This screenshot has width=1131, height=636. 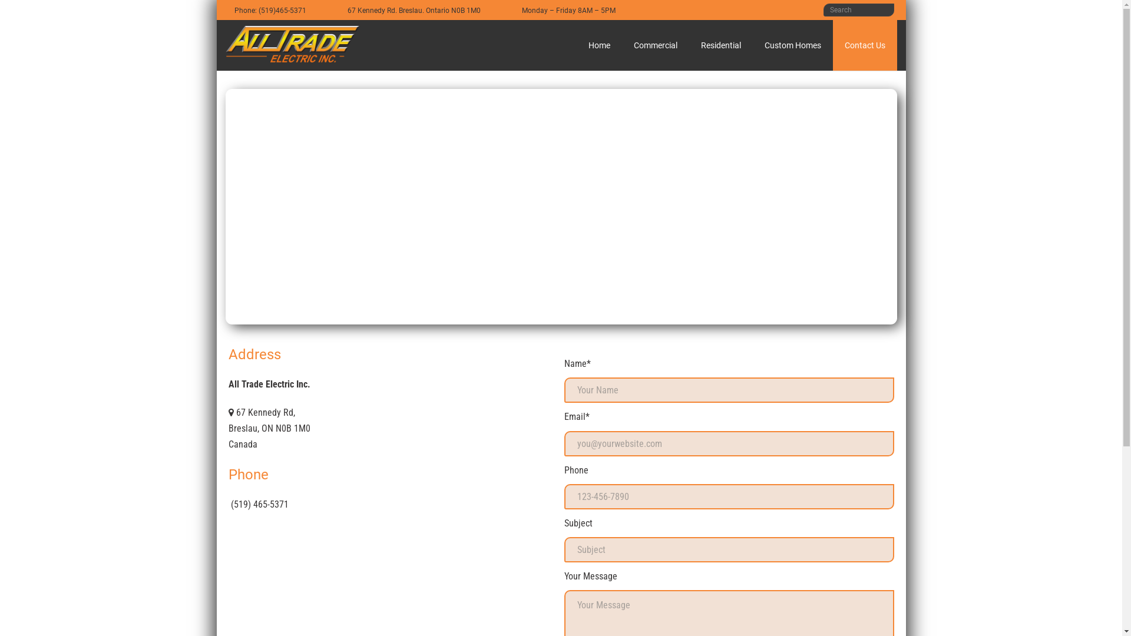 What do you see at coordinates (413, 9) in the screenshot?
I see `'67 Kennedy Rd. Breslau. Ontario N0B 1M0'` at bounding box center [413, 9].